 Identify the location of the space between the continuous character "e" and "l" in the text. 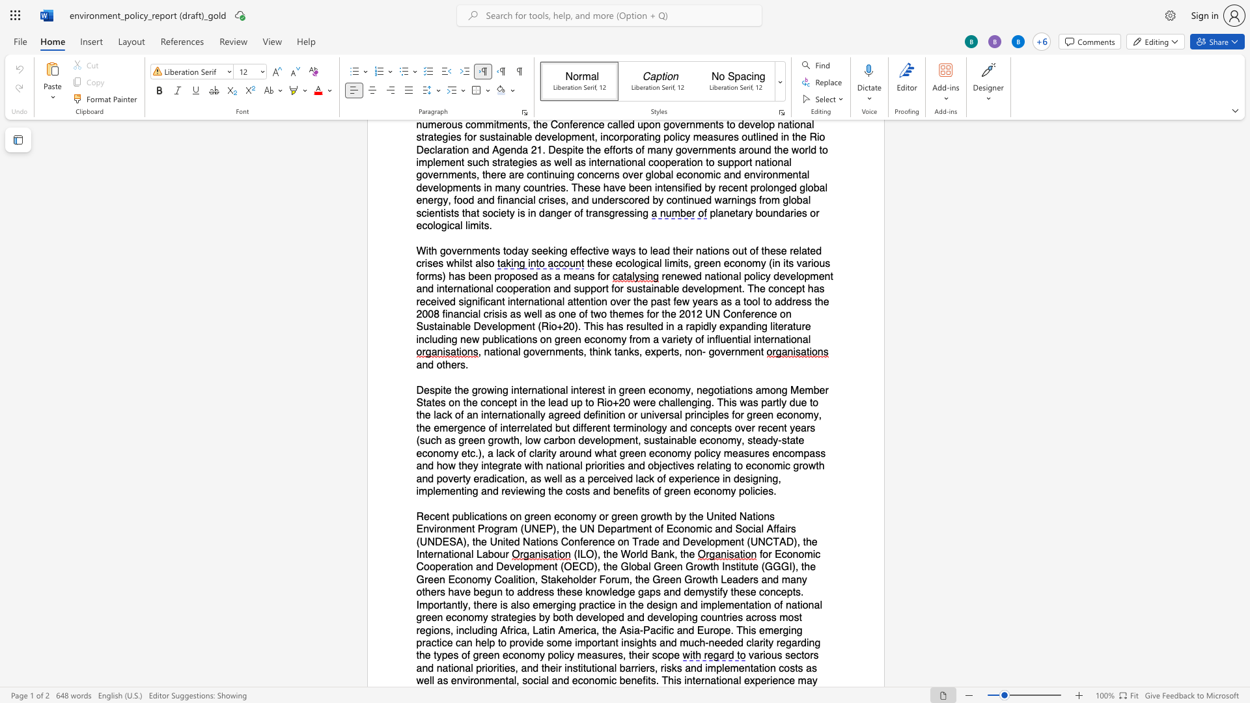
(428, 680).